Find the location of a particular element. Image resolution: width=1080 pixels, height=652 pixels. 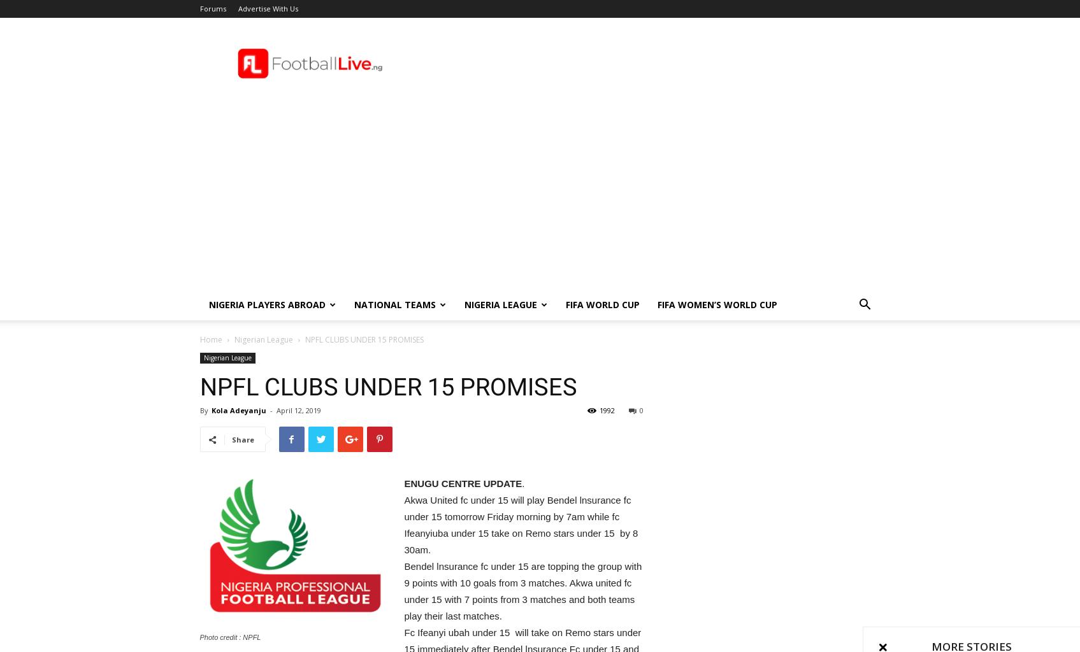

'ENUGU CENTRE UPDATE' is located at coordinates (462, 483).